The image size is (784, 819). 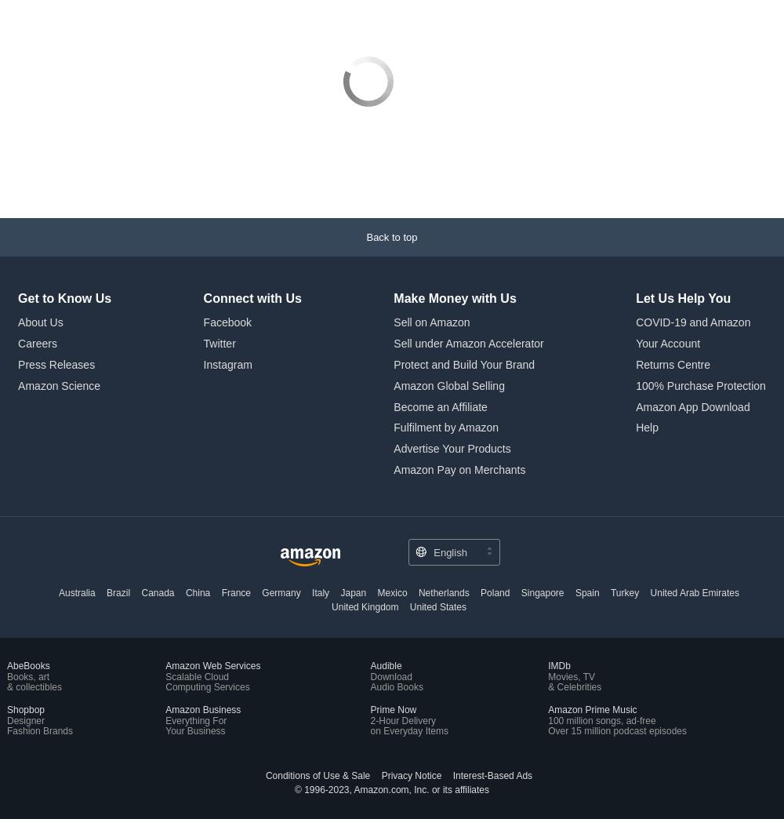 I want to click on 'Audible', so click(x=369, y=664).